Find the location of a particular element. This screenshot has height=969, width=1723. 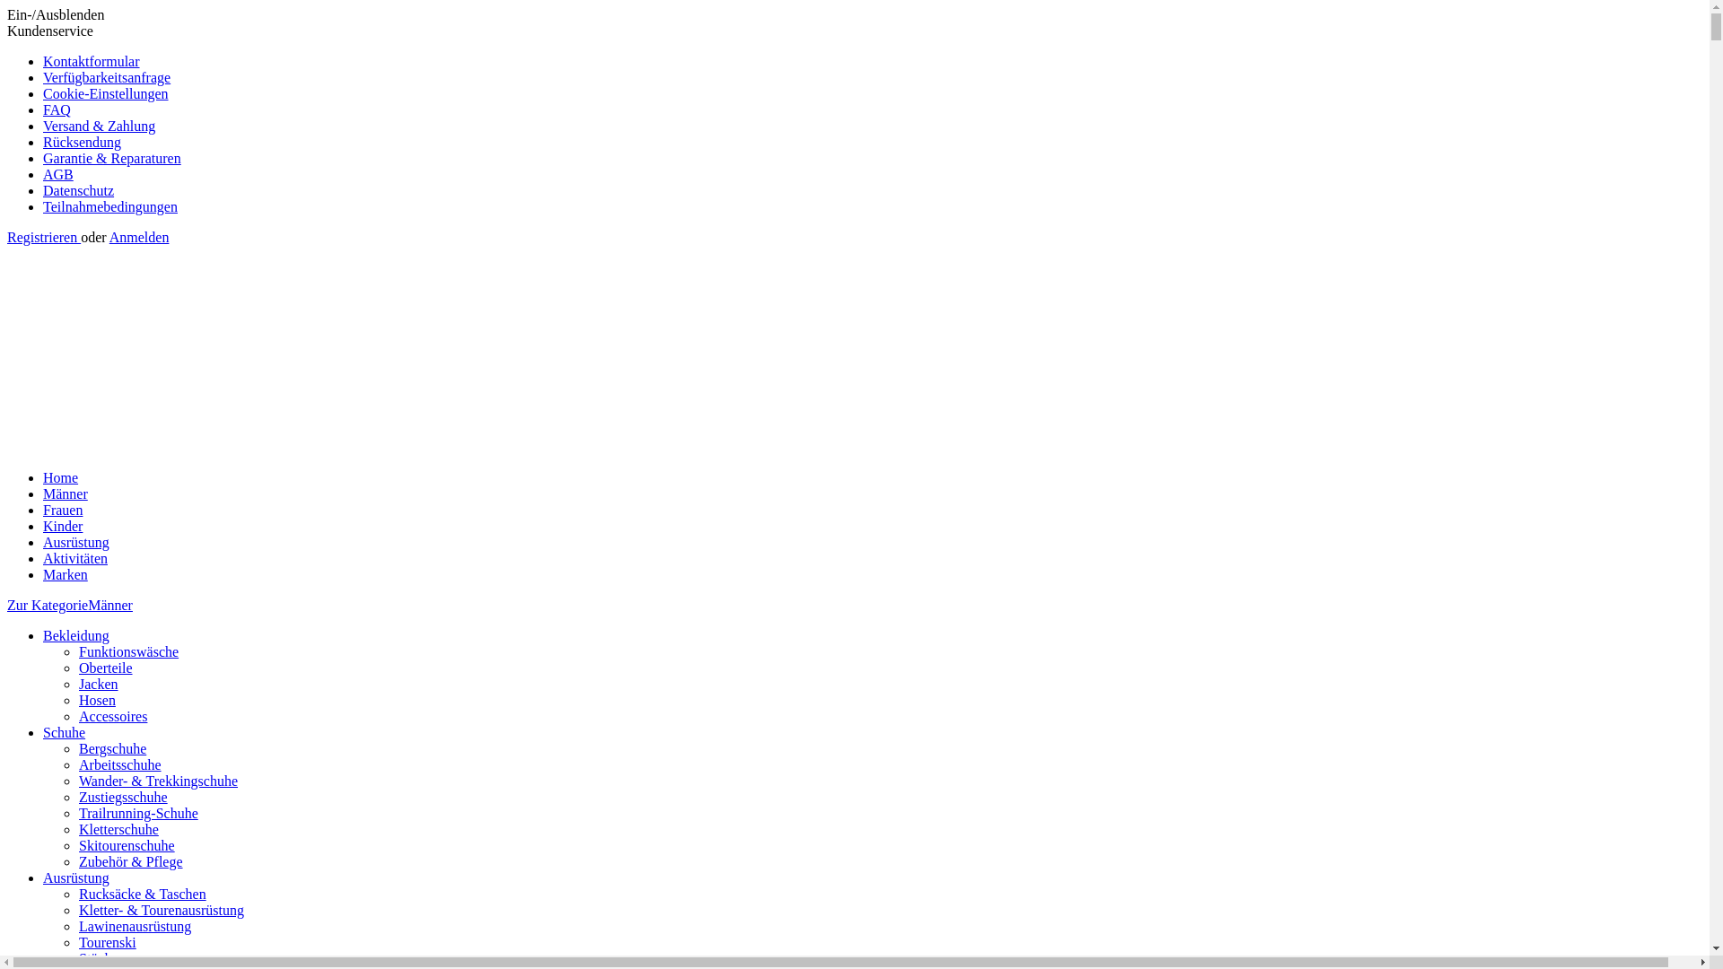

'Kinder' is located at coordinates (63, 525).